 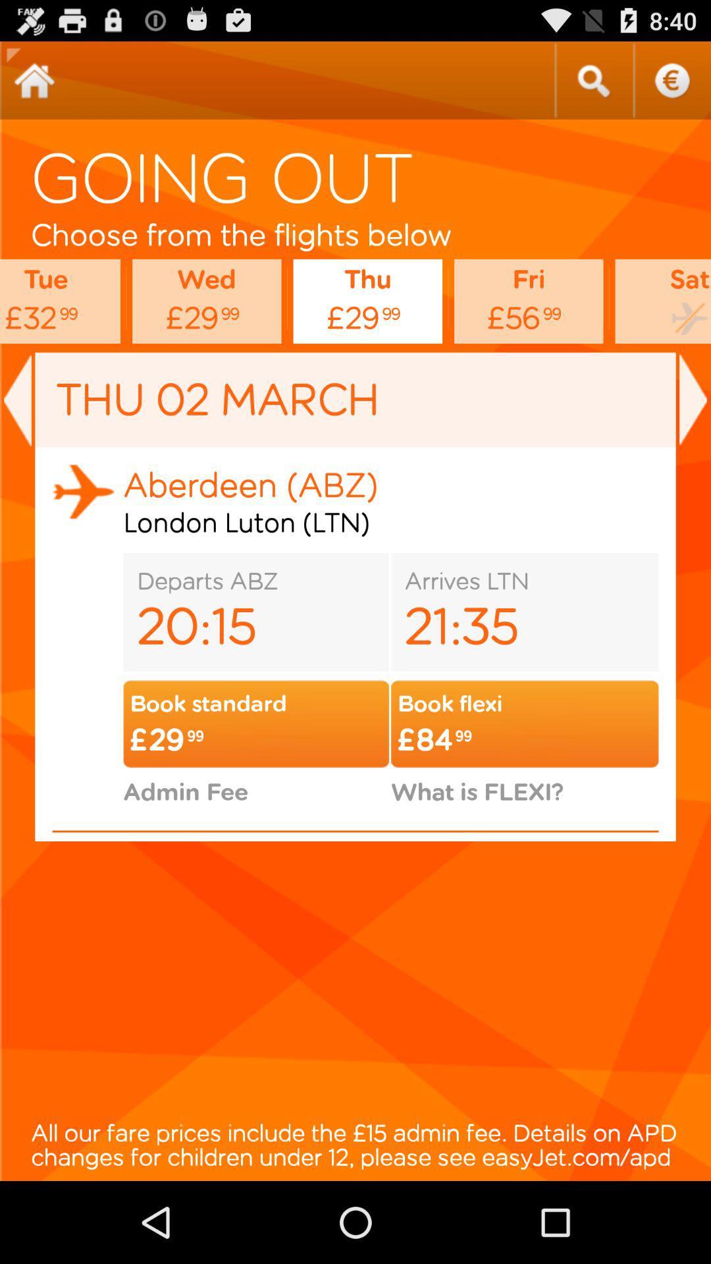 I want to click on get help, so click(x=671, y=80).